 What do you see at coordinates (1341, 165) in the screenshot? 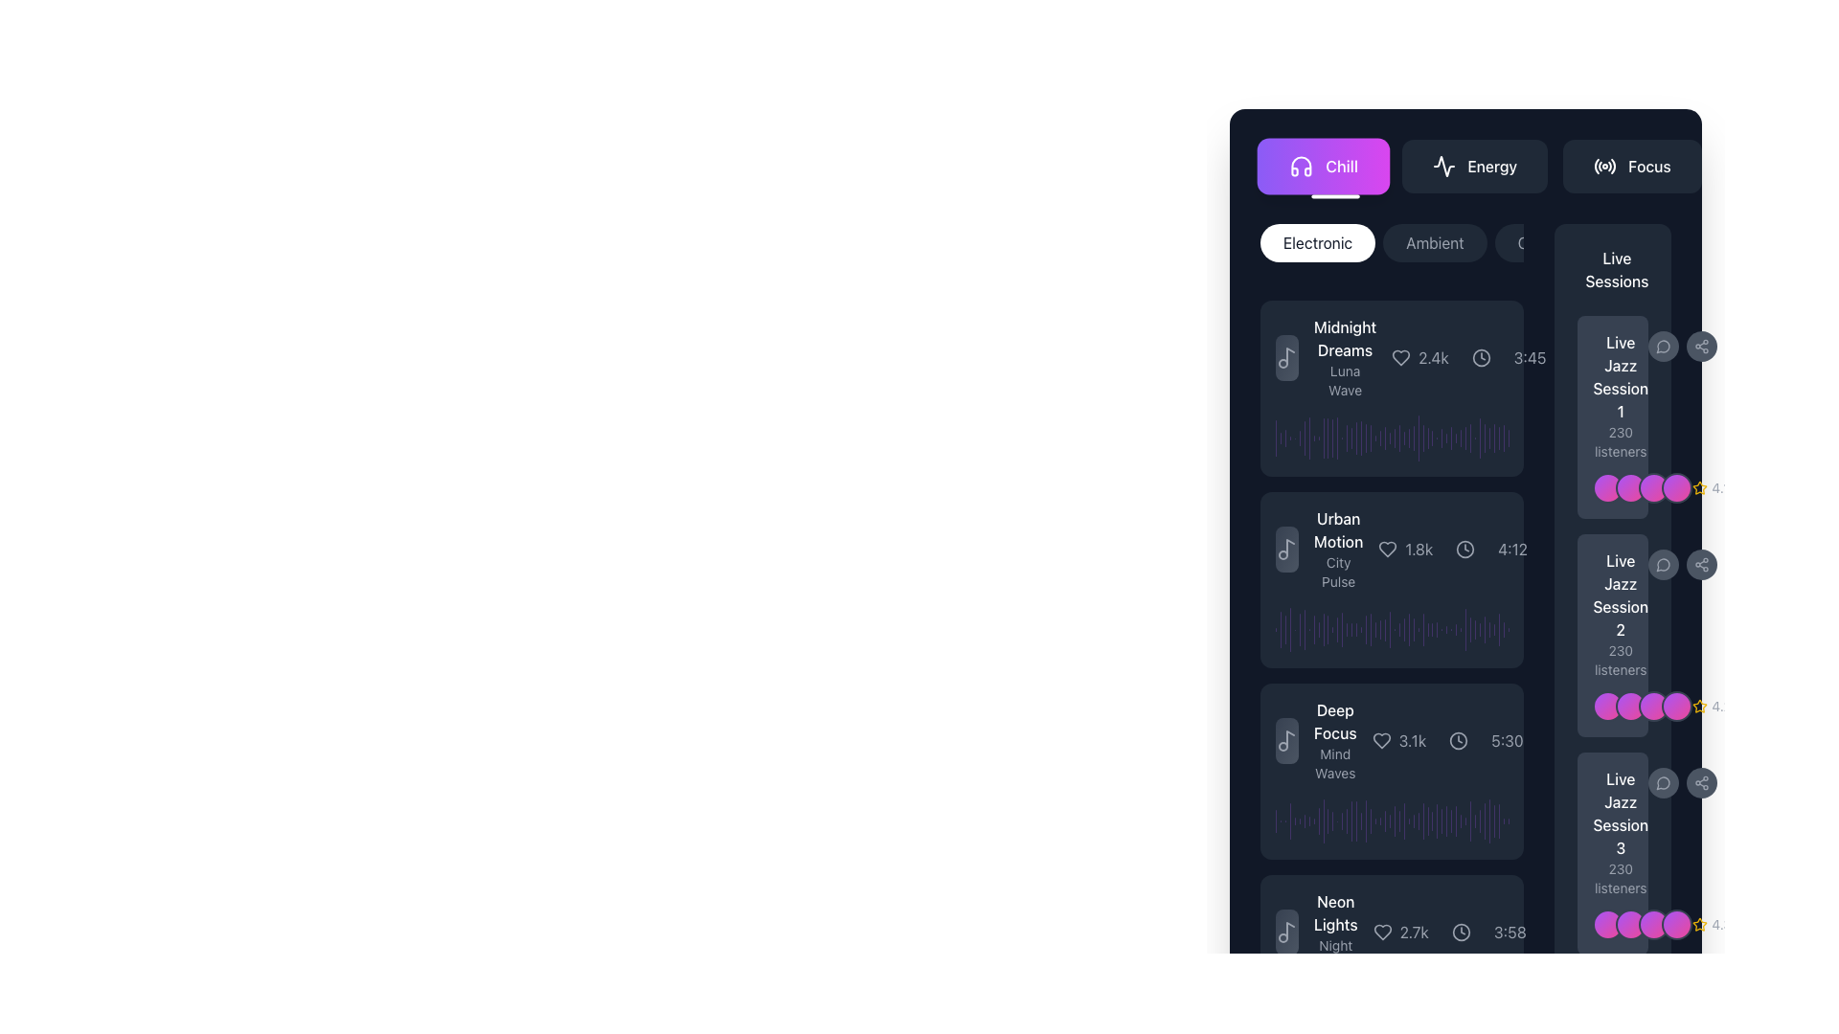
I see `the text label displaying 'Chill', which is styled with white medium-weight font on a gradient background from violet to fuchsia, located in the top left section of the interface` at bounding box center [1341, 165].